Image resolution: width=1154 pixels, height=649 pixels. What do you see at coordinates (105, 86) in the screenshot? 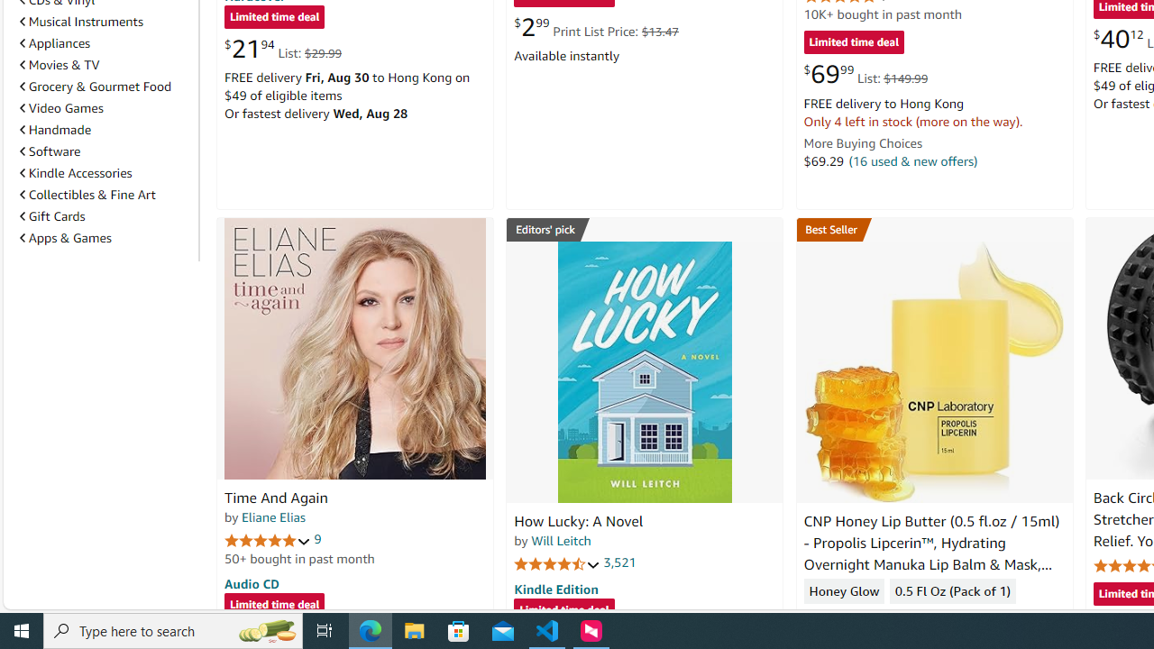
I see `'Grocery & Gourmet Food'` at bounding box center [105, 86].